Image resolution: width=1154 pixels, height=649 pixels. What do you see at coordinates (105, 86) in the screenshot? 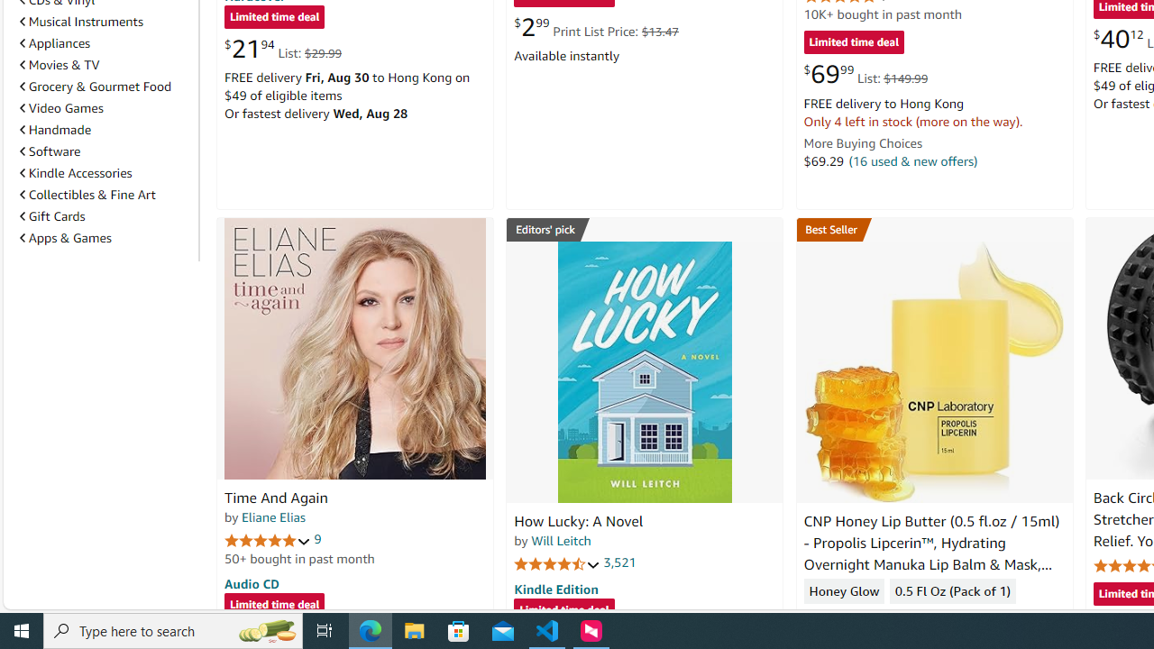
I see `'Grocery & Gourmet Food'` at bounding box center [105, 86].